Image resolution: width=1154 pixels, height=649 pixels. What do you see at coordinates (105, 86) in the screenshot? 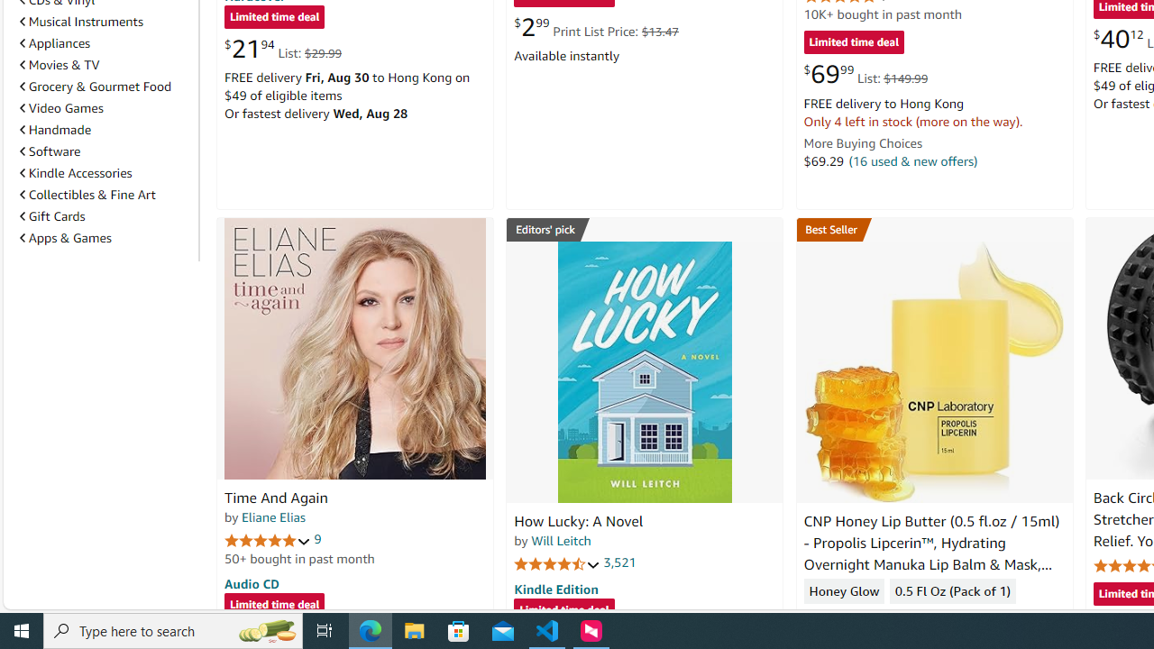
I see `'Grocery & Gourmet Food'` at bounding box center [105, 86].